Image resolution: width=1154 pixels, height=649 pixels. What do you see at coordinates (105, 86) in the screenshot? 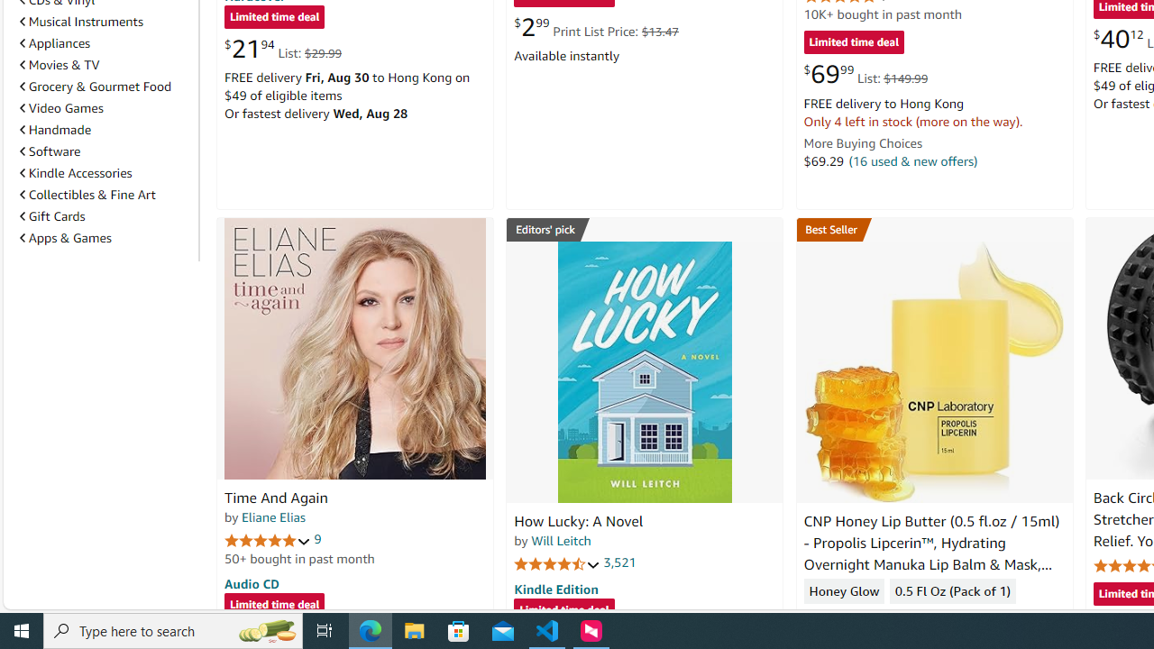
I see `'Grocery & Gourmet Food'` at bounding box center [105, 86].